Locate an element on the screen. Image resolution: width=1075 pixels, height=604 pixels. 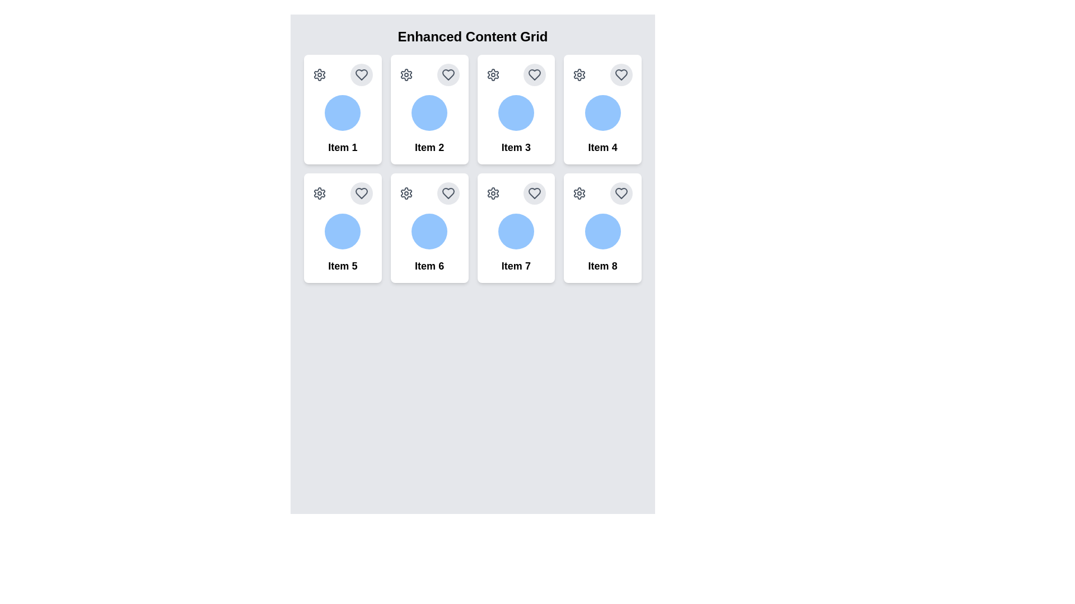
the card located in the second row and second column of the grid, which is adjacent to 'Item 5' and below 'Item 2' is located at coordinates (429, 228).